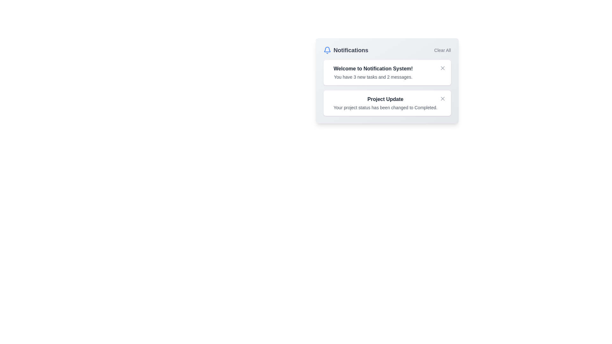 The width and height of the screenshot is (612, 344). Describe the element at coordinates (387, 72) in the screenshot. I see `notification card titled 'Welcome to Notification System!' which is the first card in the notifications list and contains details about new tasks and messages` at that location.